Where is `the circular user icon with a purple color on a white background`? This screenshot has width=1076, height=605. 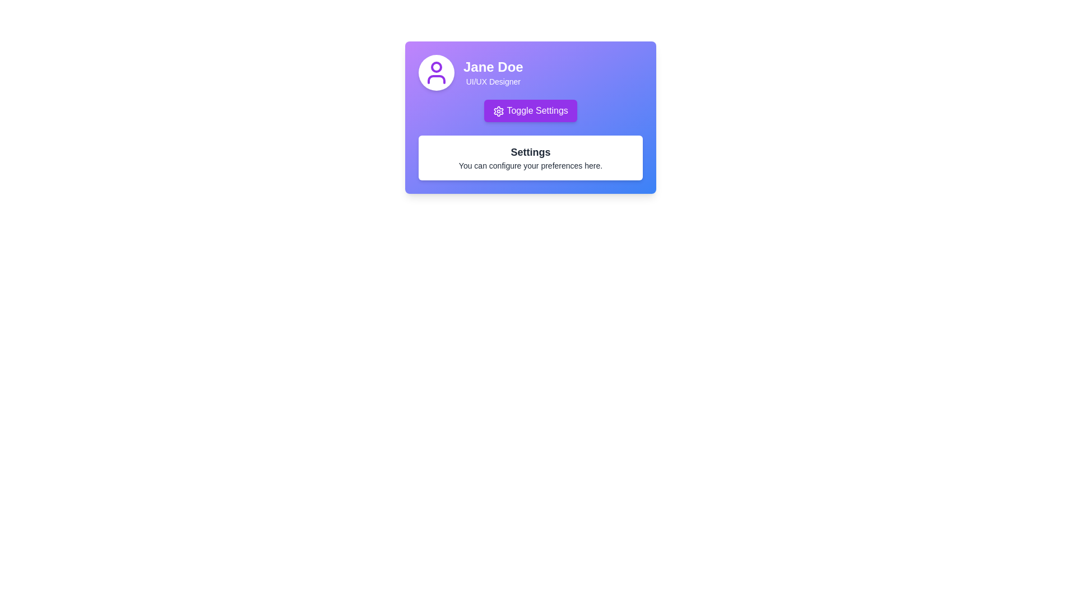 the circular user icon with a purple color on a white background is located at coordinates (435, 73).